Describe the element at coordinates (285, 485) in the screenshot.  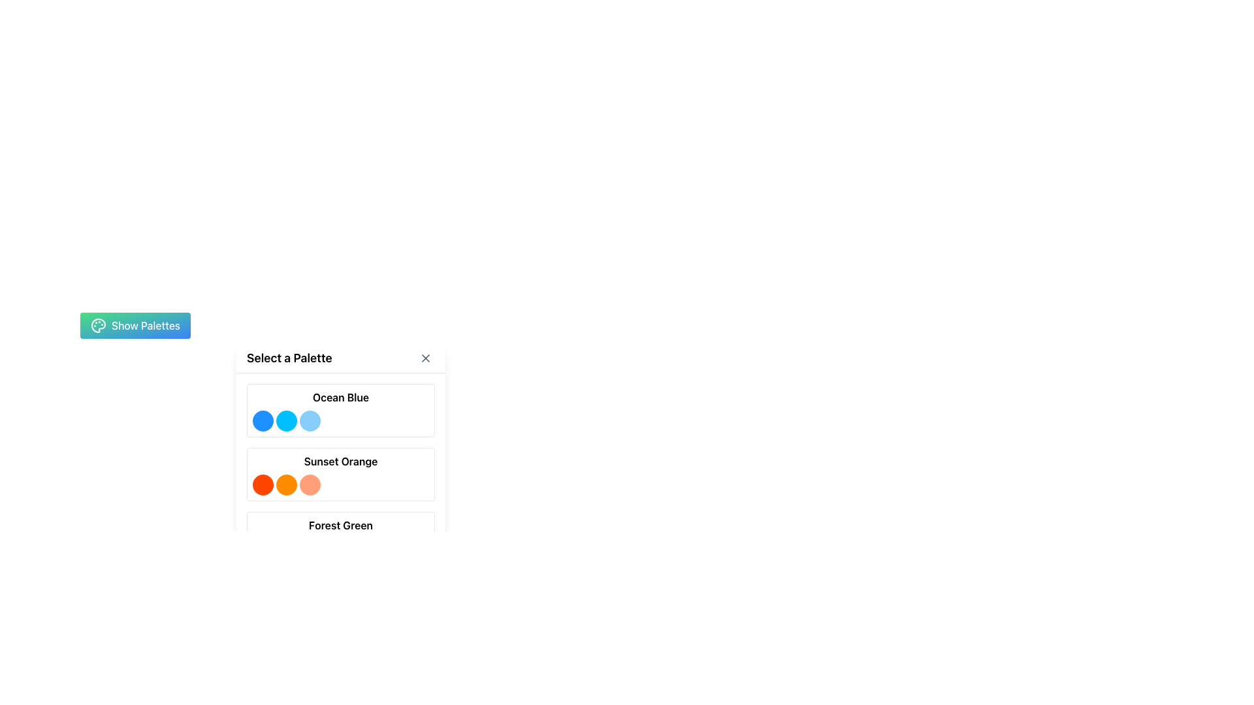
I see `the second circle of the 'Sunset Orange' palette group in the 'Select a Palette' modal dialog box` at that location.